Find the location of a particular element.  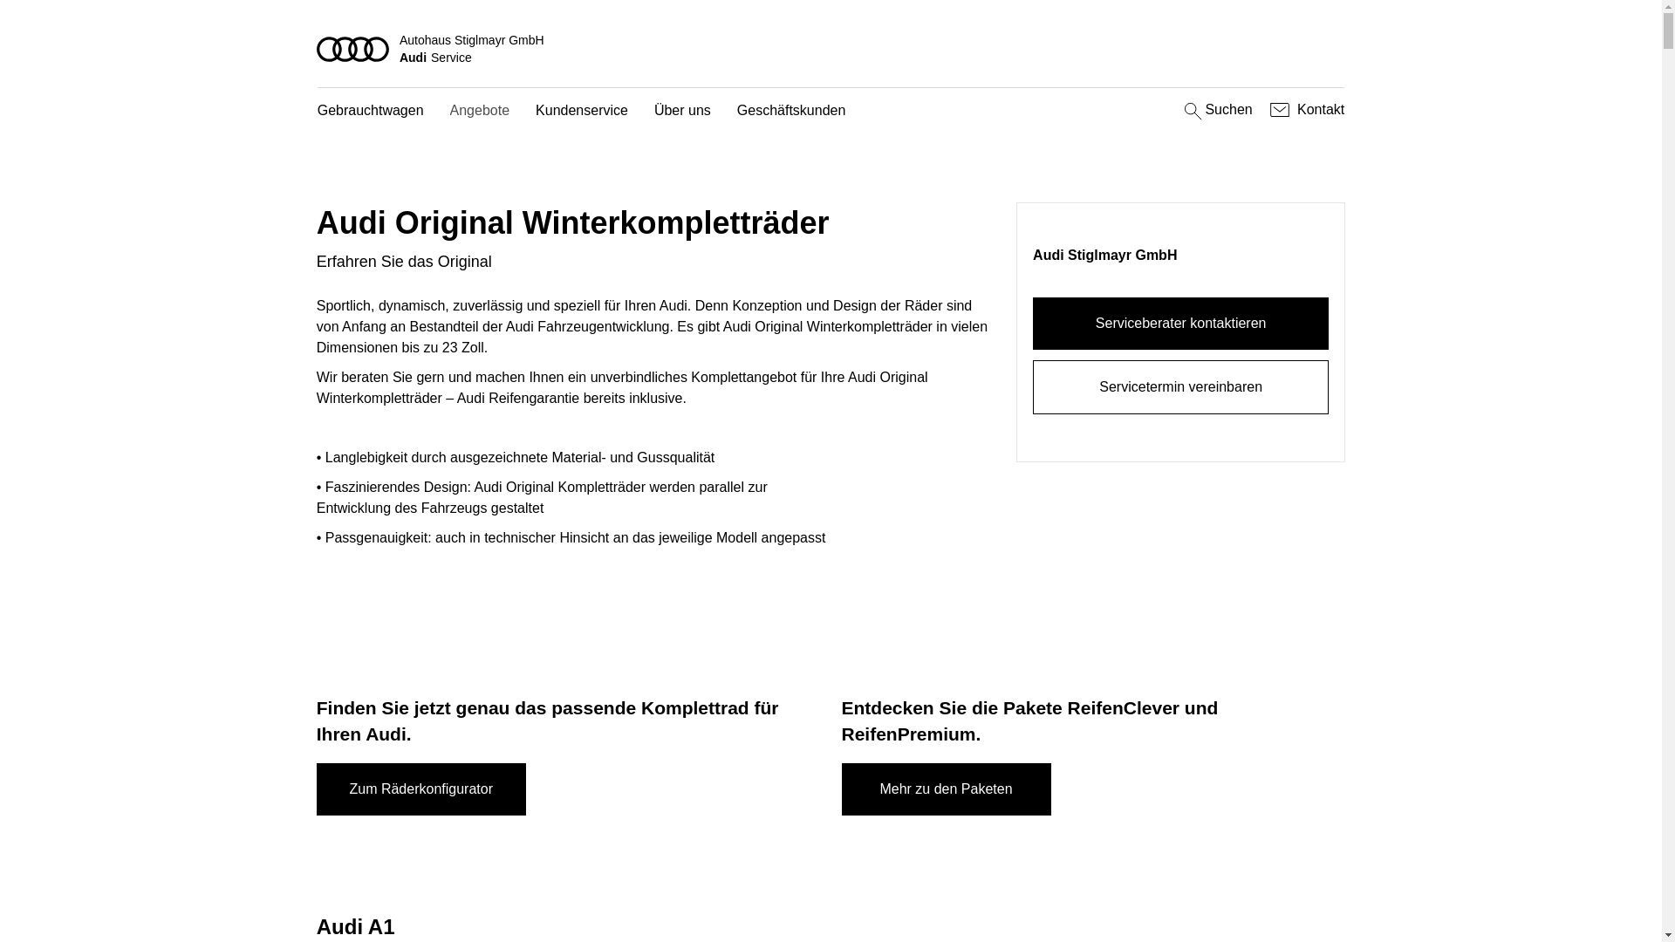

'Mehr zu den Paketen' is located at coordinates (945, 789).